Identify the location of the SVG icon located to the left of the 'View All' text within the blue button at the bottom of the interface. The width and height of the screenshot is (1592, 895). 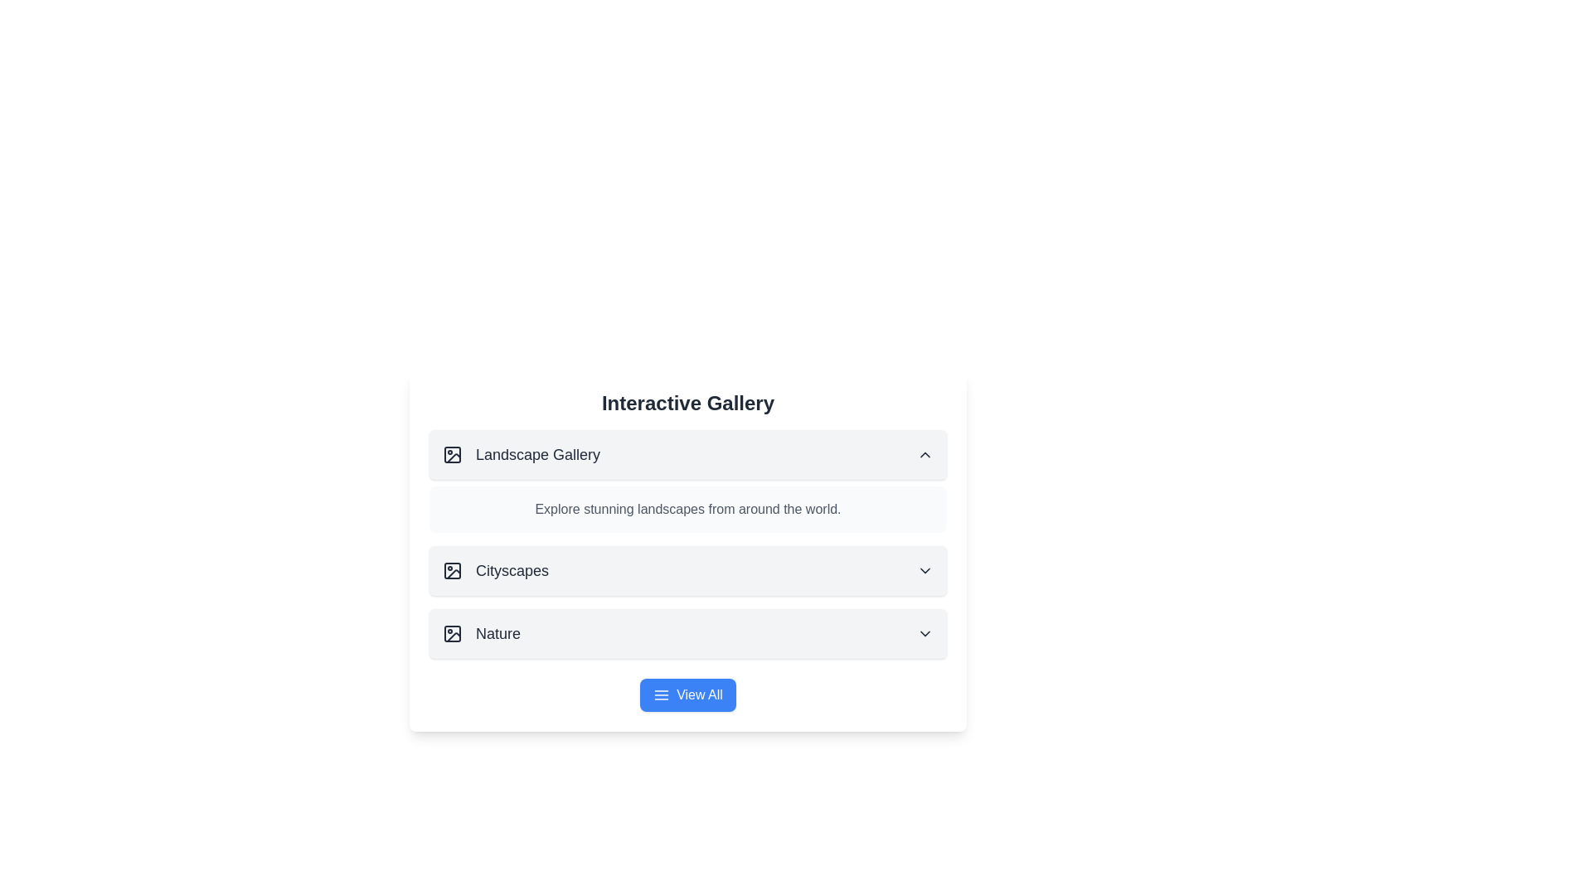
(661, 695).